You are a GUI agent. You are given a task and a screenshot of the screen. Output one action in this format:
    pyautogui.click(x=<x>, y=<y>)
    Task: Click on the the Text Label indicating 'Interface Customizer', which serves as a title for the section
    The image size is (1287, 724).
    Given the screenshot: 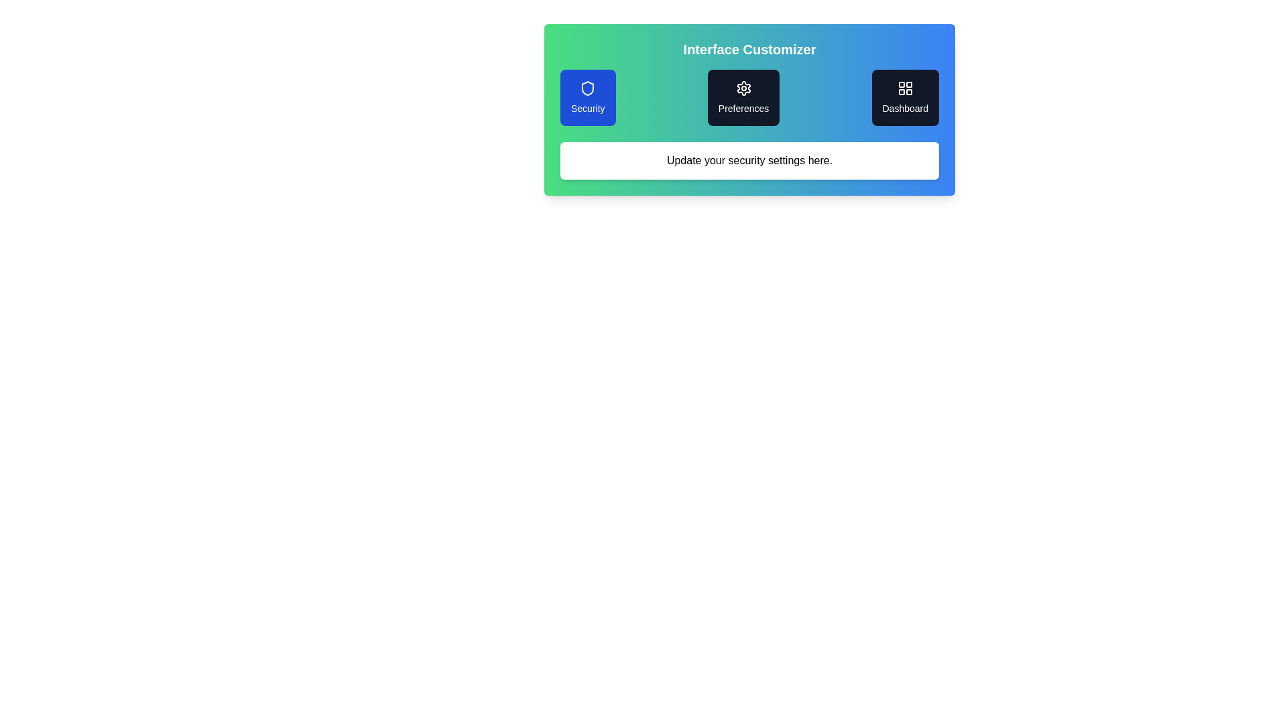 What is the action you would take?
    pyautogui.click(x=749, y=48)
    